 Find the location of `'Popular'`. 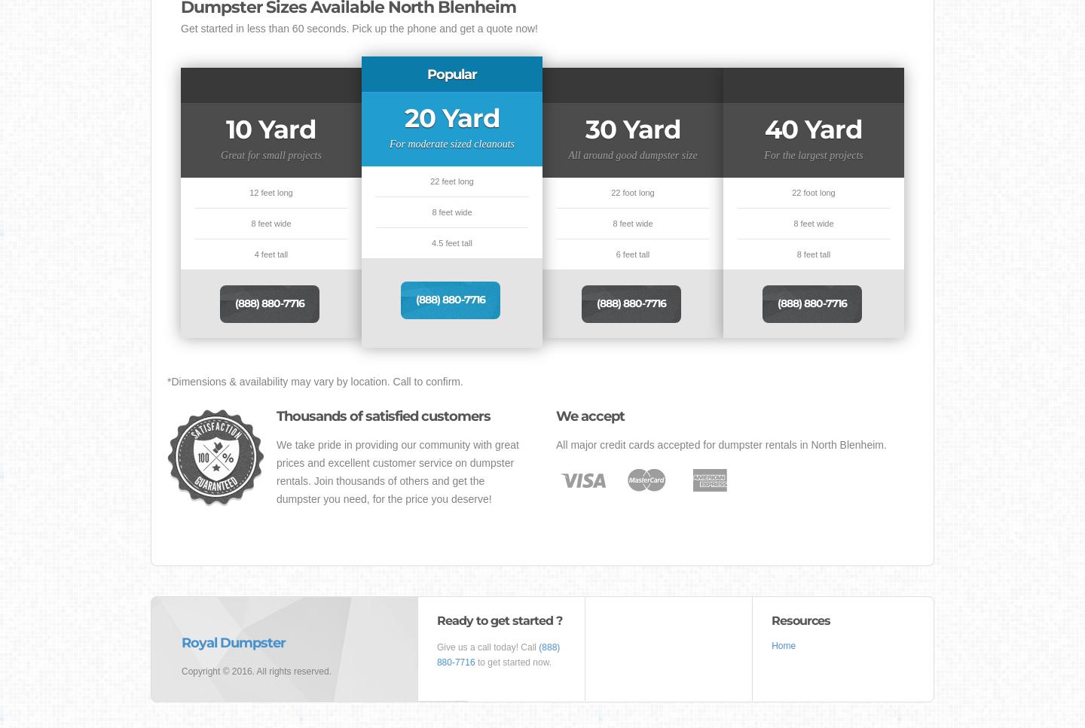

'Popular' is located at coordinates (452, 75).